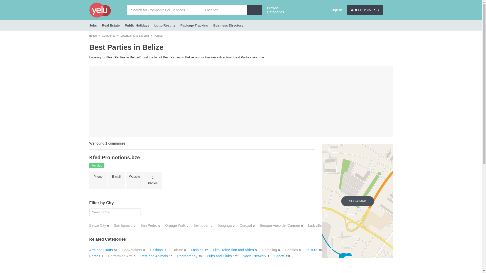 Image resolution: width=486 pixels, height=273 pixels. I want to click on 'Leisure', so click(311, 249).